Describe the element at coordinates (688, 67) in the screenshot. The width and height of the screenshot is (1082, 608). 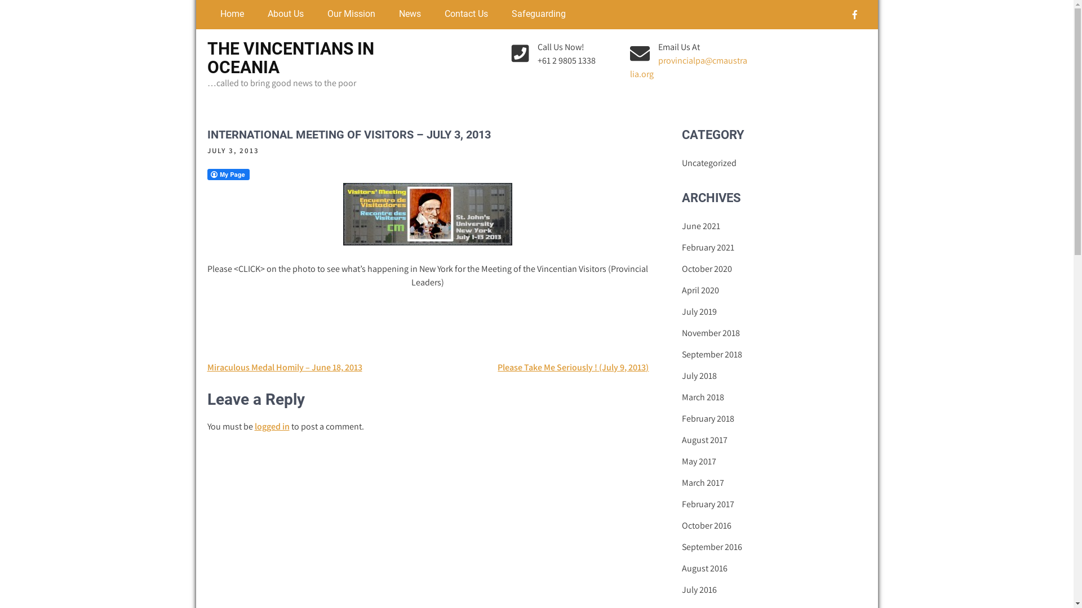
I see `'provincialpa@cmaustralia.org'` at that location.